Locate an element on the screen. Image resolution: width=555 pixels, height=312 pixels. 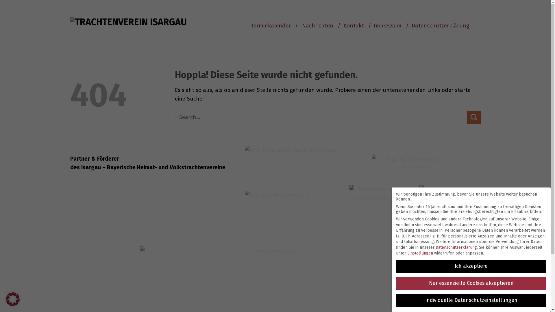
'Terminkalender   /' is located at coordinates (274, 25).